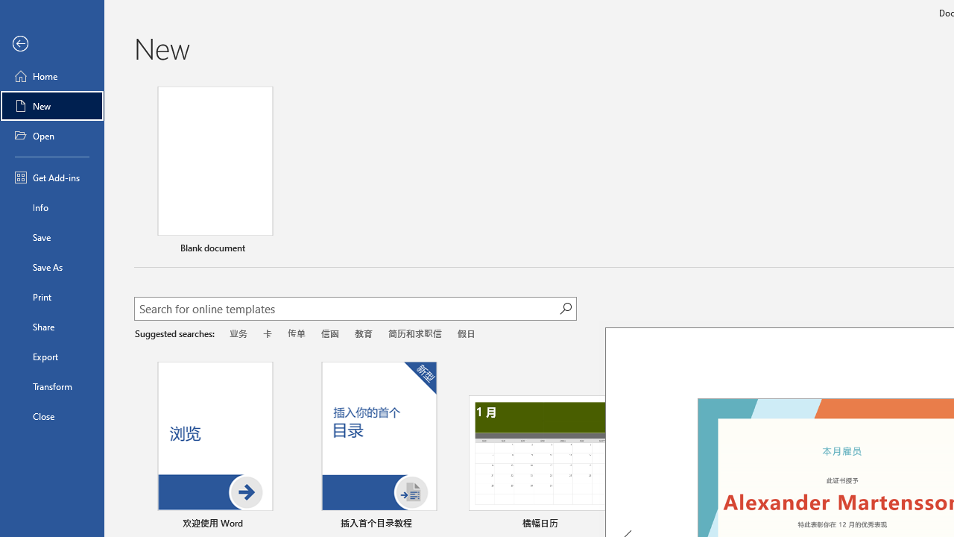  I want to click on 'Get Add-ins', so click(51, 176).